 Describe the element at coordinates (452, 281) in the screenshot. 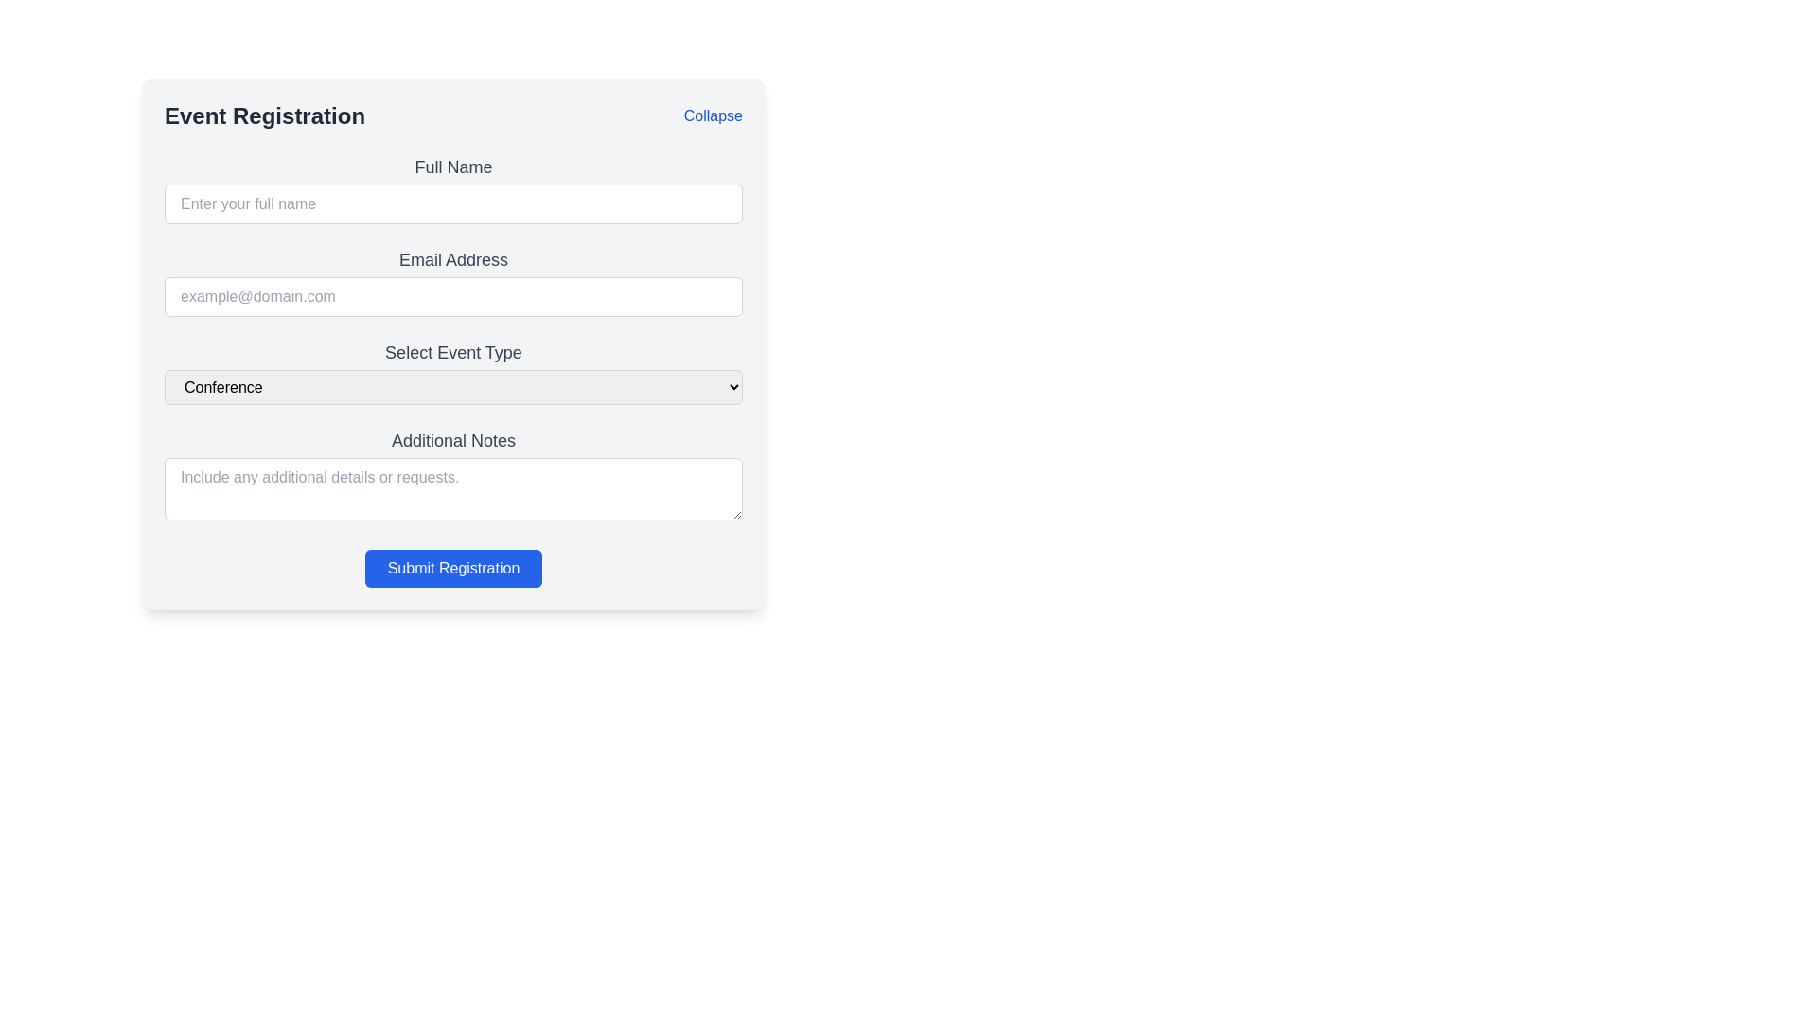

I see `the 'Email Address' input box located in the 'Event Registration' section` at that location.